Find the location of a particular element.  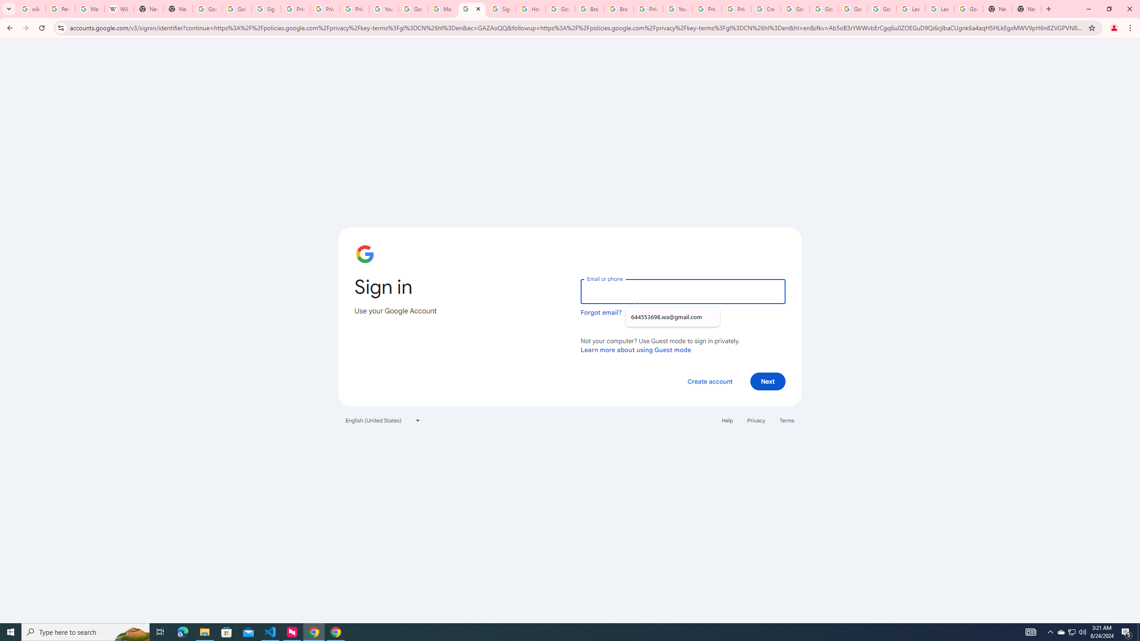

'Google Account Help' is located at coordinates (882, 8).